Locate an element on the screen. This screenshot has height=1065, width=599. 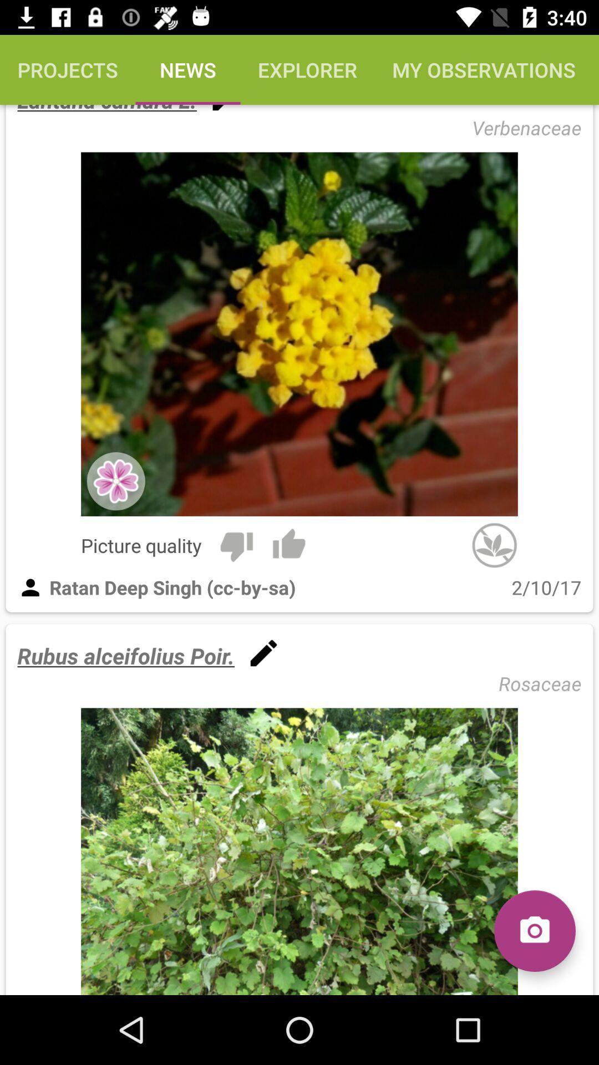
the item to the right of picture quality is located at coordinates (236, 545).